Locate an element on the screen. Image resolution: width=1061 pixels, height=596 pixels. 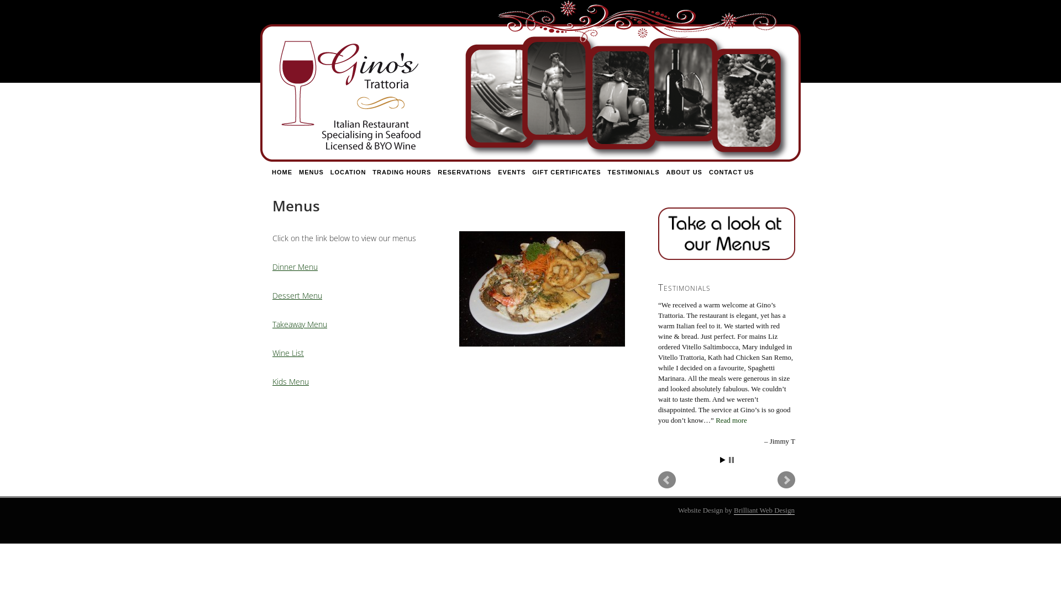
'TRADING HOURS' is located at coordinates (369, 172).